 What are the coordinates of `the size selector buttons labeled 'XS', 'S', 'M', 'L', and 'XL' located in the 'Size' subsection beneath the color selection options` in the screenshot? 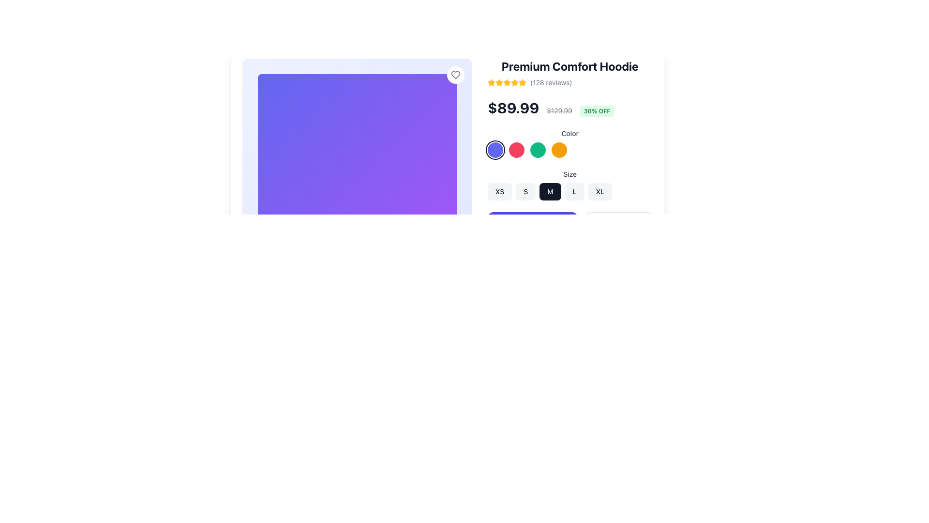 It's located at (570, 185).